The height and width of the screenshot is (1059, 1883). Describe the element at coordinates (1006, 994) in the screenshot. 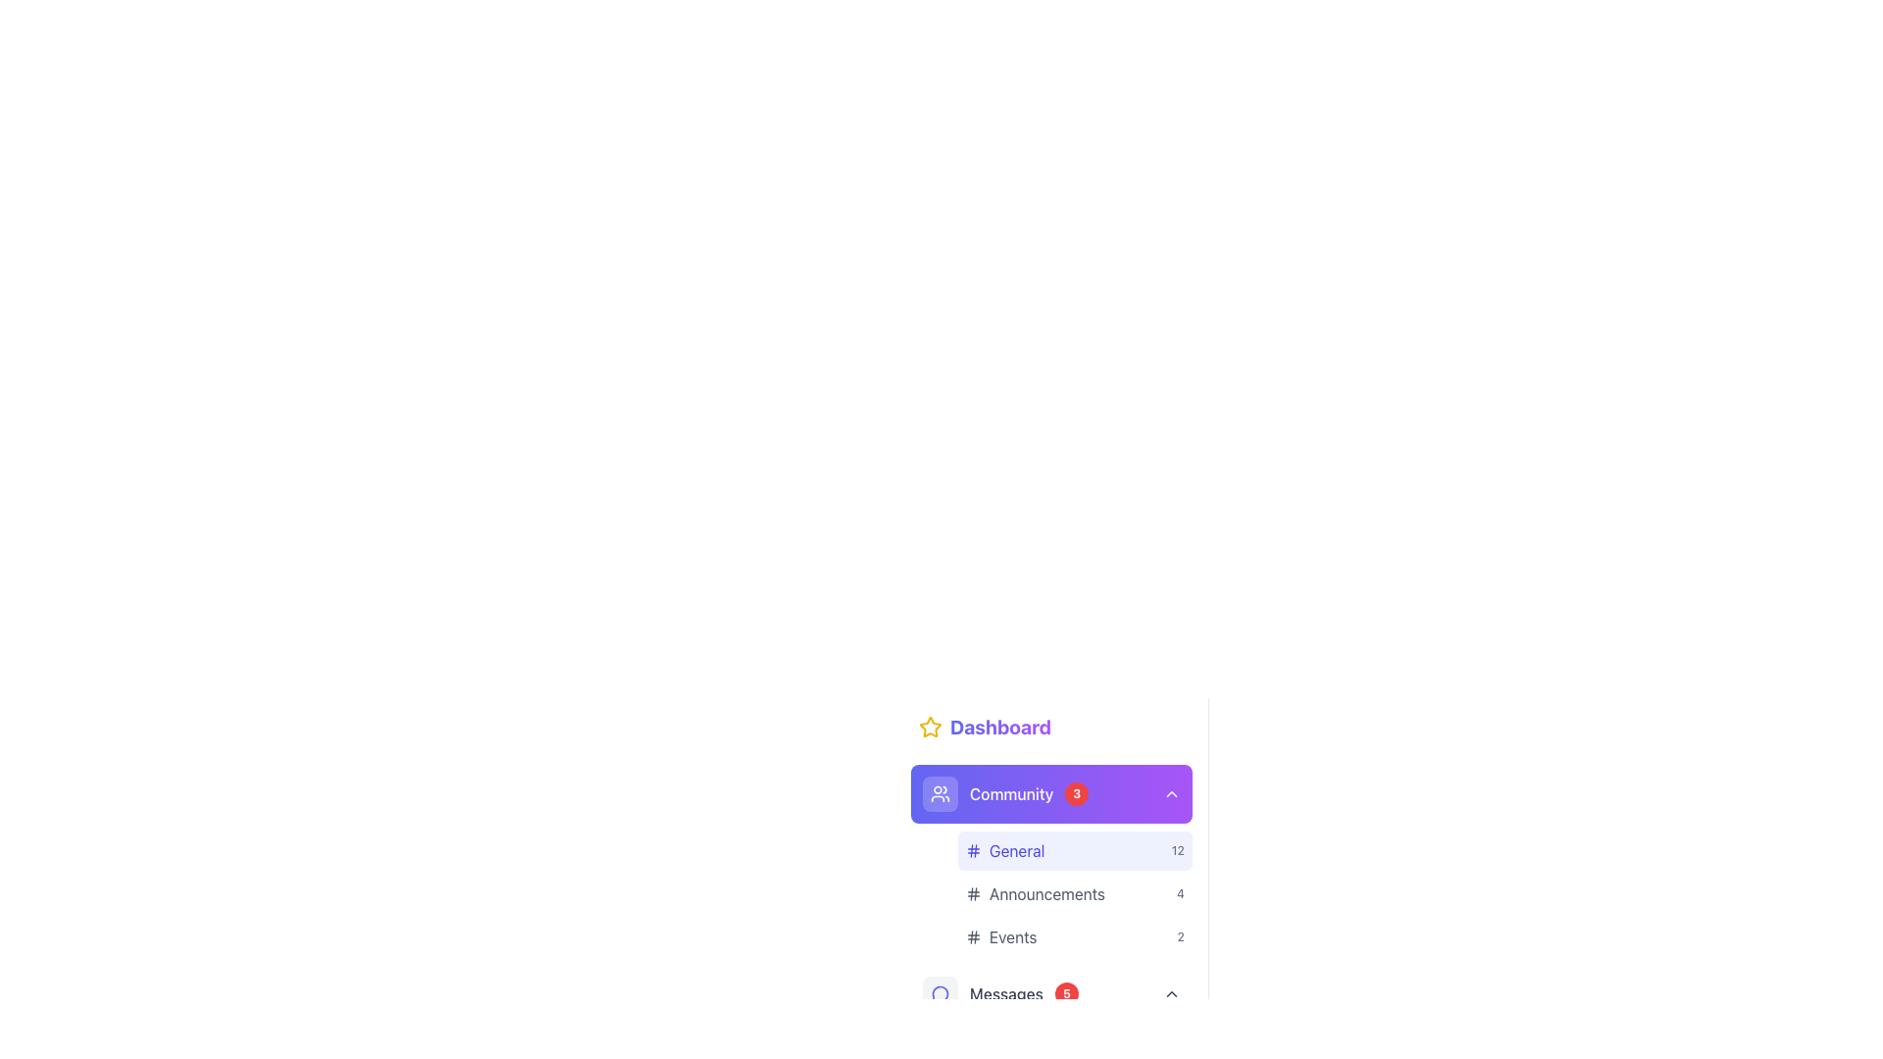

I see `the 'Messages' text label, which is positioned centrally in a horizontal layout within the sidebar navigation menu` at that location.